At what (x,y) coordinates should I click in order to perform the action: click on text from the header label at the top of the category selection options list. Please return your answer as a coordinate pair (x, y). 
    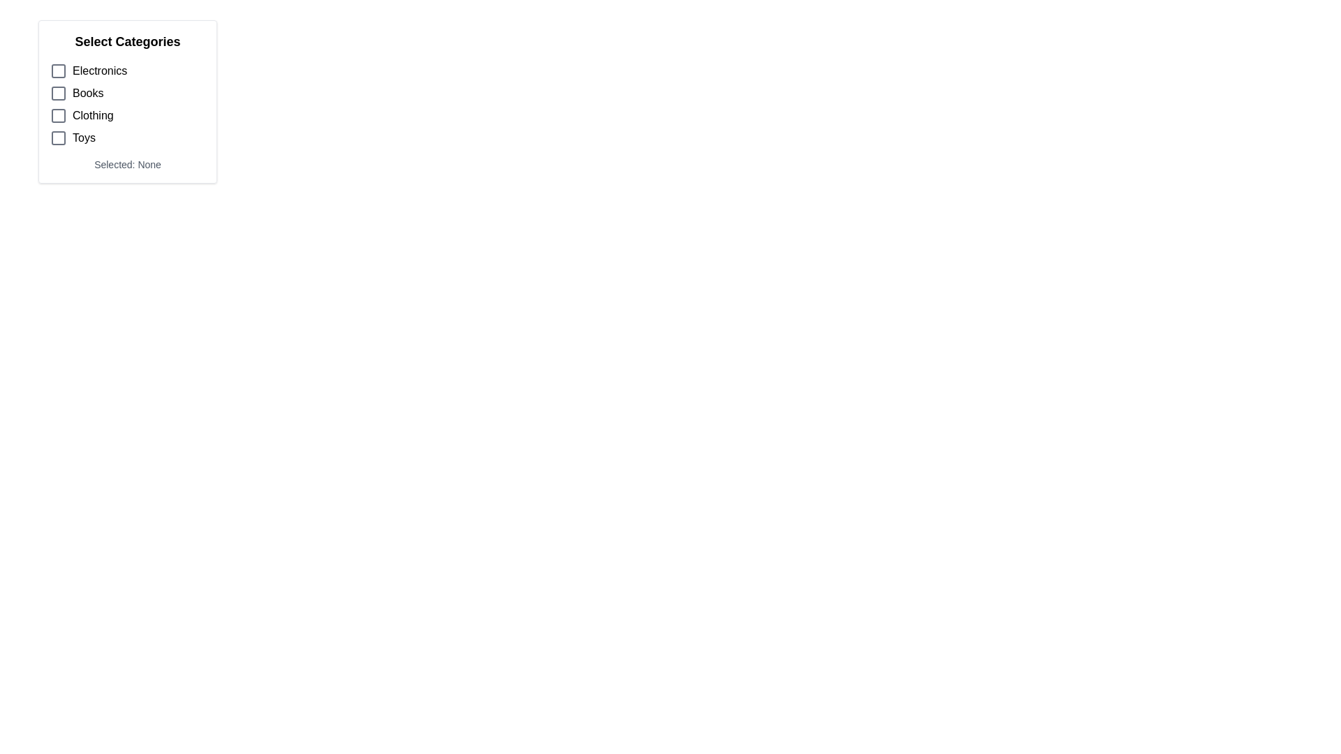
    Looking at the image, I should click on (127, 41).